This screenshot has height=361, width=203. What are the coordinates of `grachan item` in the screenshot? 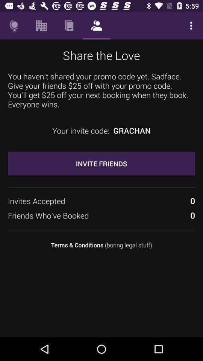 It's located at (132, 130).